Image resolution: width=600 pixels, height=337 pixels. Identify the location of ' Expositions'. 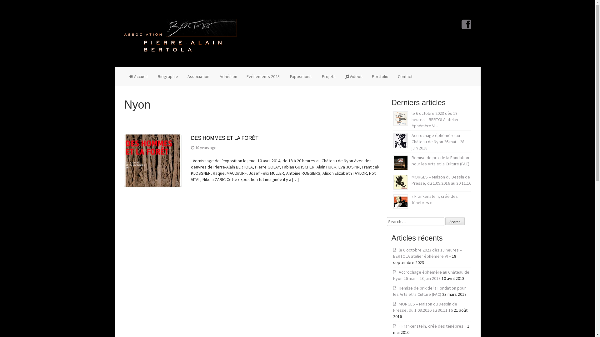
(300, 76).